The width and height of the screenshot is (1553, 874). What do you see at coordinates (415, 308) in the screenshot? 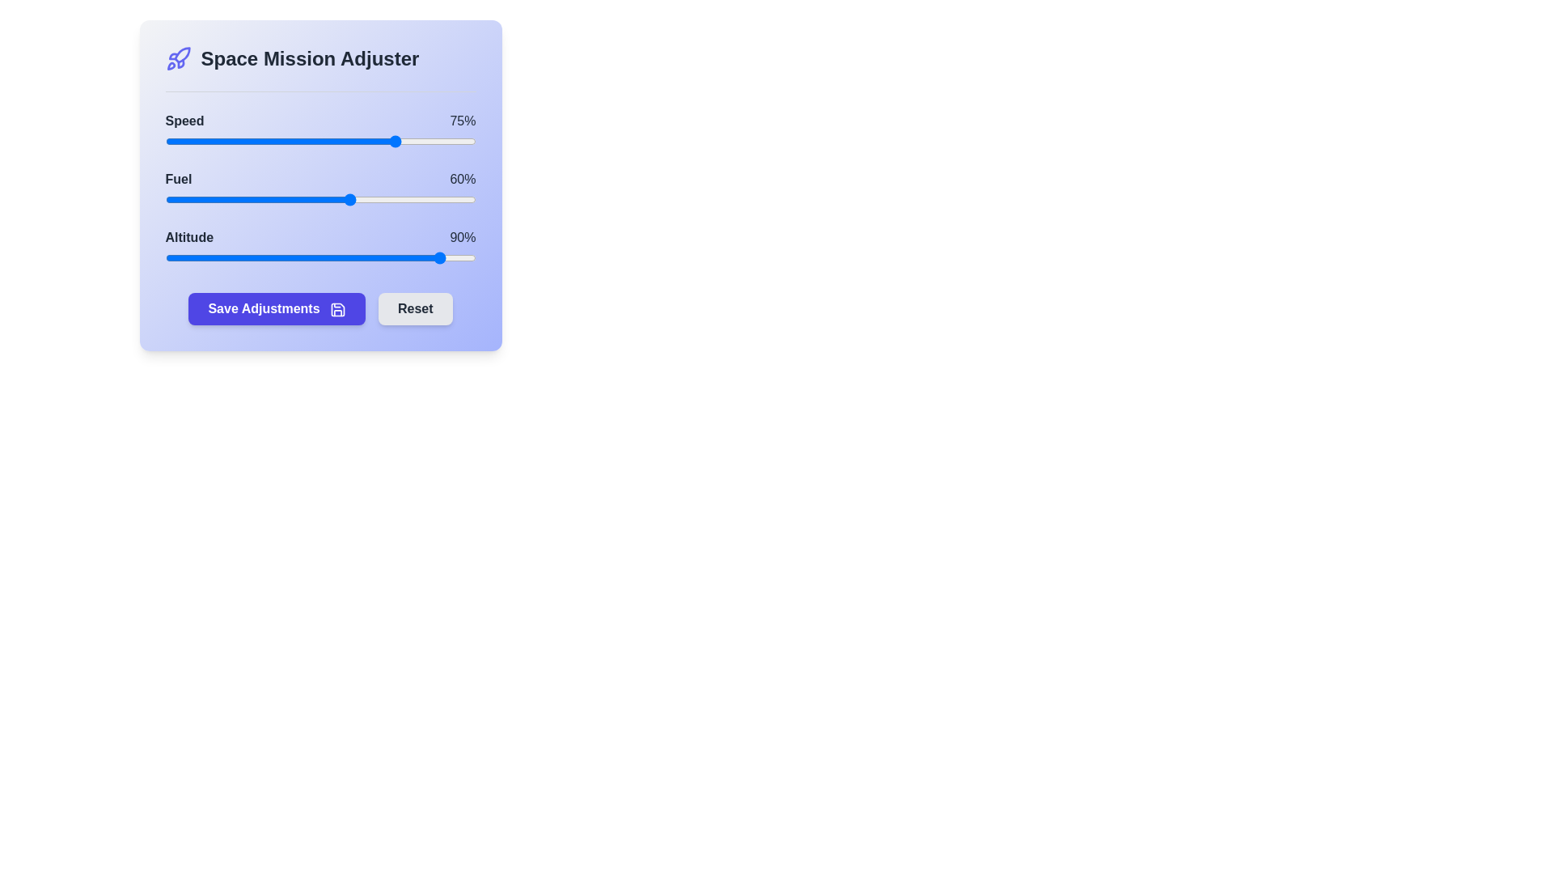
I see `'Reset' button to reset the values` at bounding box center [415, 308].